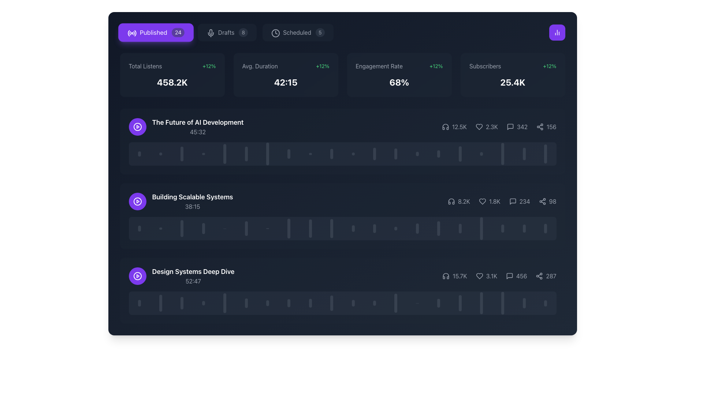 The height and width of the screenshot is (395, 703). What do you see at coordinates (320, 32) in the screenshot?
I see `the badge displaying the numeral '5' next to the 'Scheduled' label to change the number displayed` at bounding box center [320, 32].